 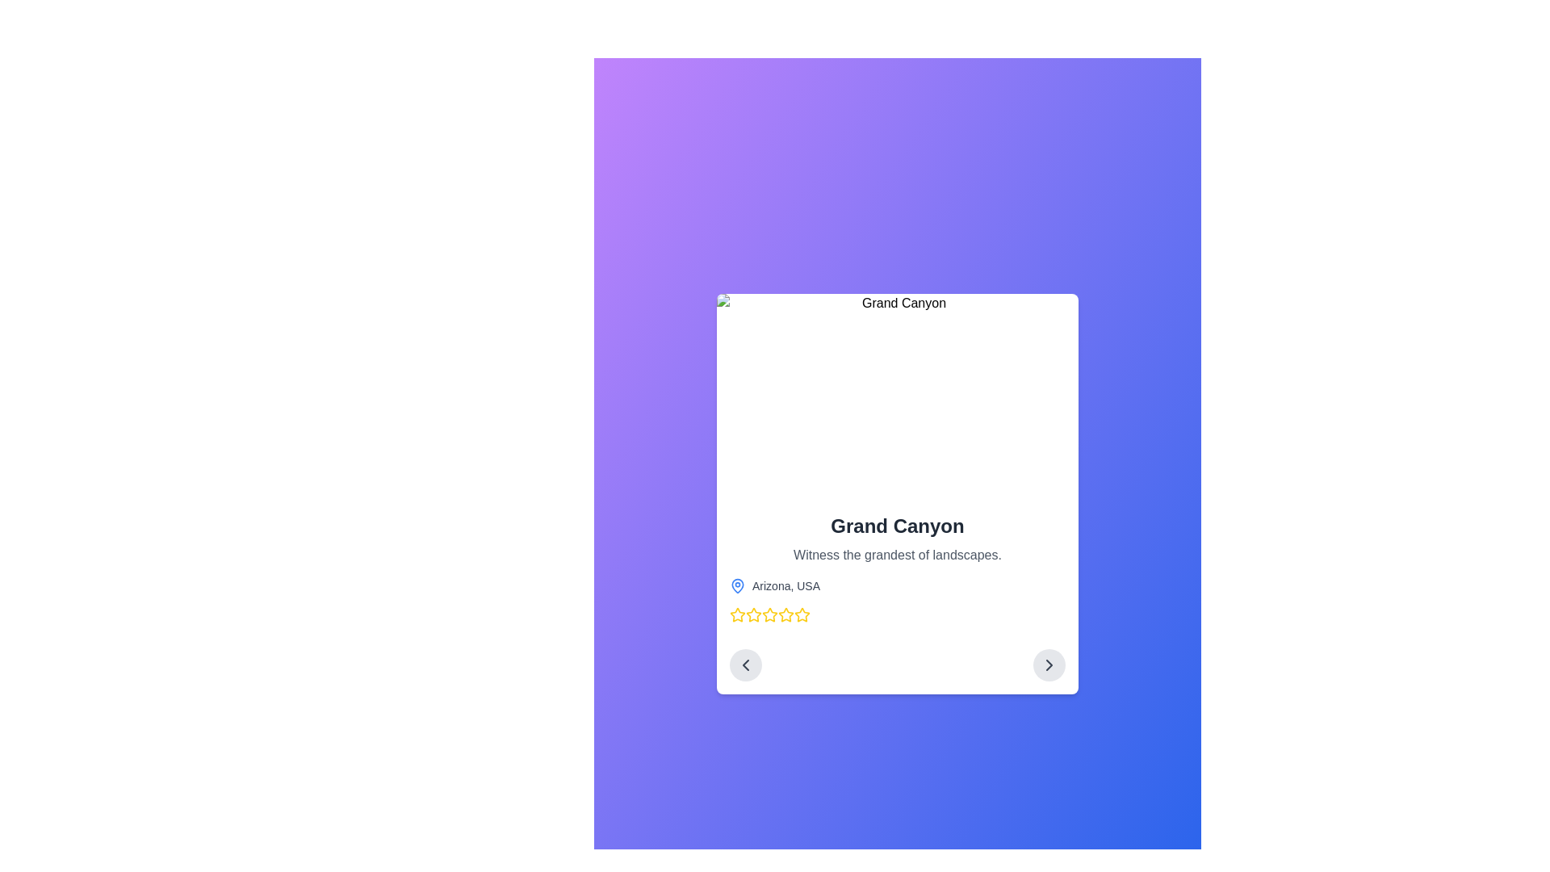 I want to click on the fourth star icon in the rating sequence, so click(x=786, y=614).